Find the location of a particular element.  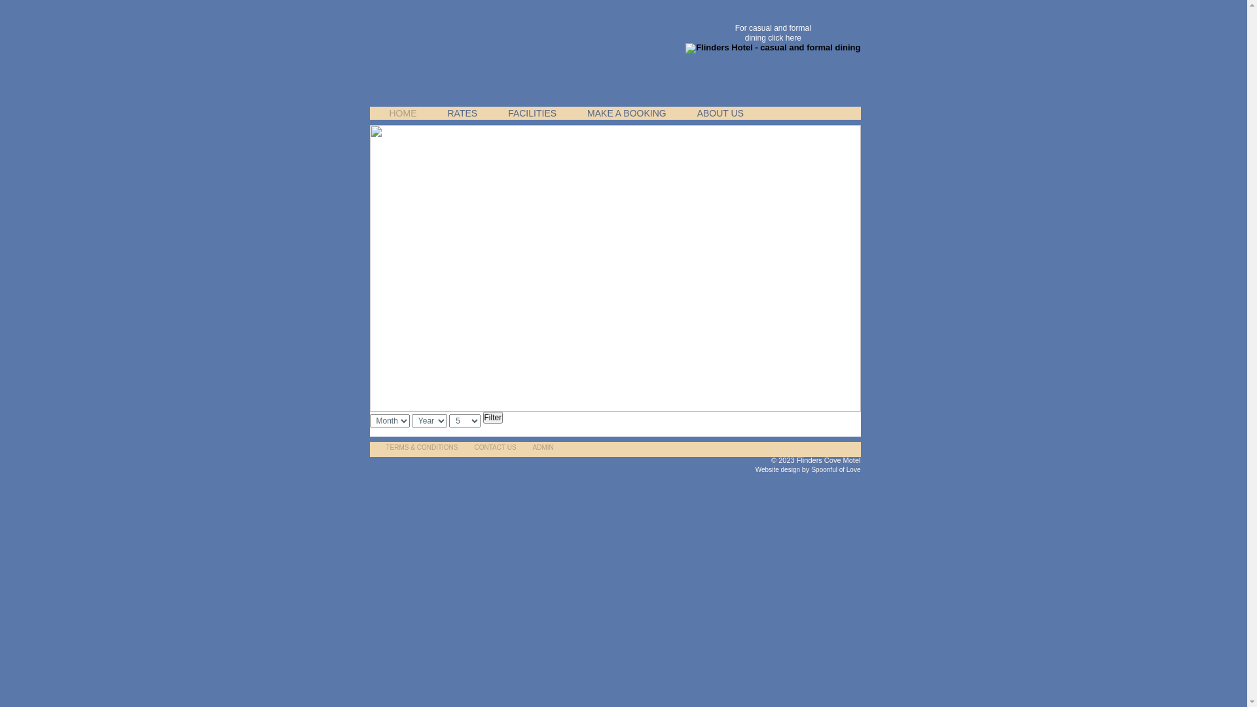

'Website design' is located at coordinates (755, 469).